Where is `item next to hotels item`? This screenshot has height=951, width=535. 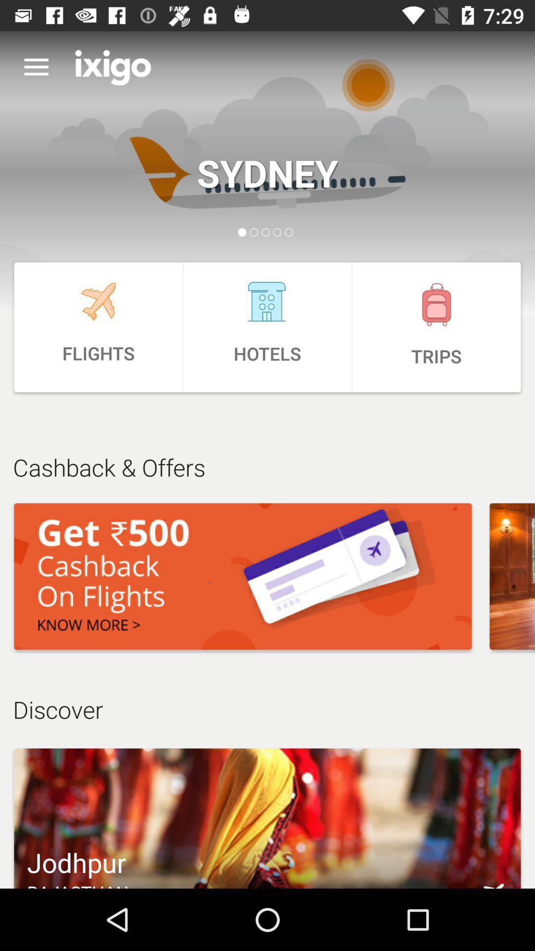 item next to hotels item is located at coordinates (436, 327).